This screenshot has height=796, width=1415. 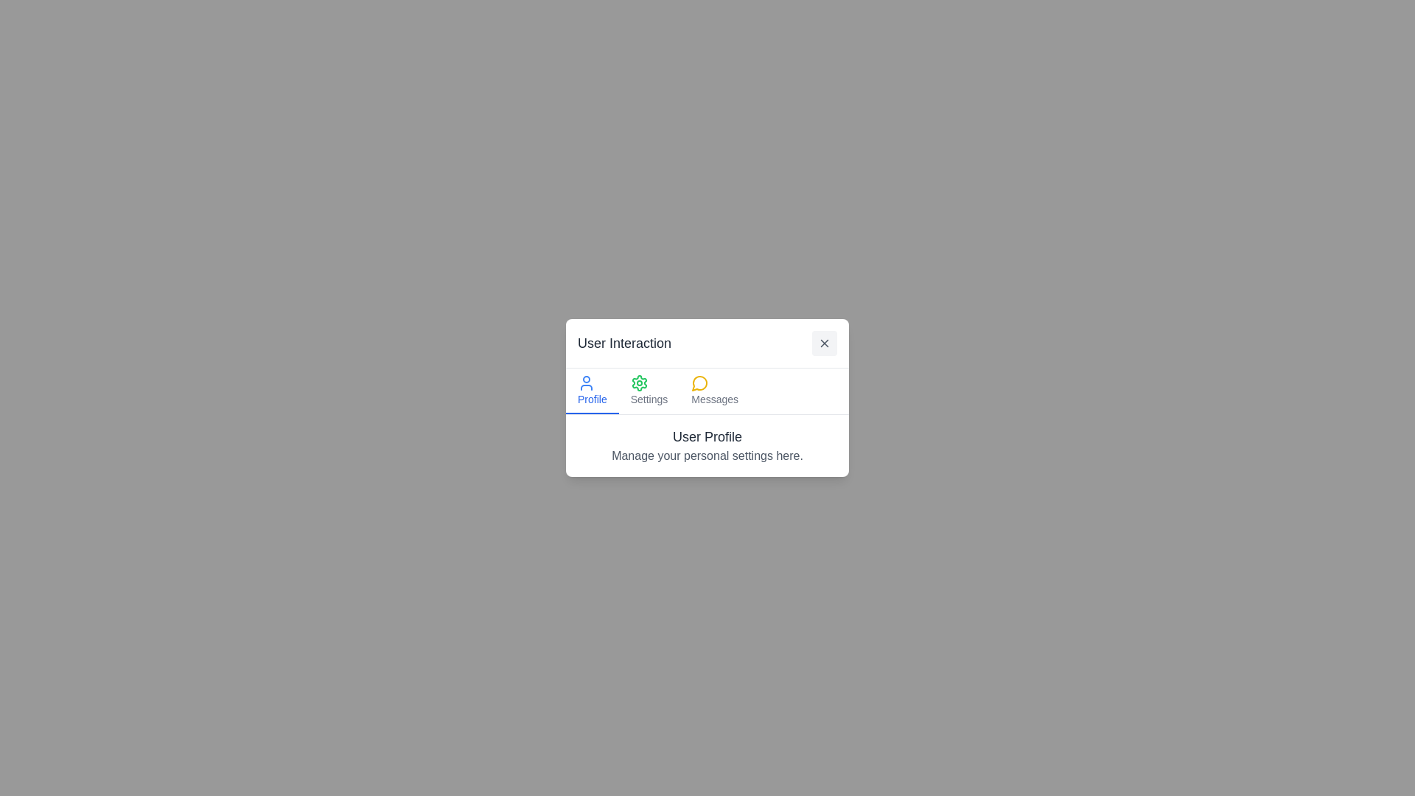 I want to click on the static text element that says 'Manage your personal settings here.' which is located below the 'User Profile' label in the user dialog box, so click(x=707, y=455).